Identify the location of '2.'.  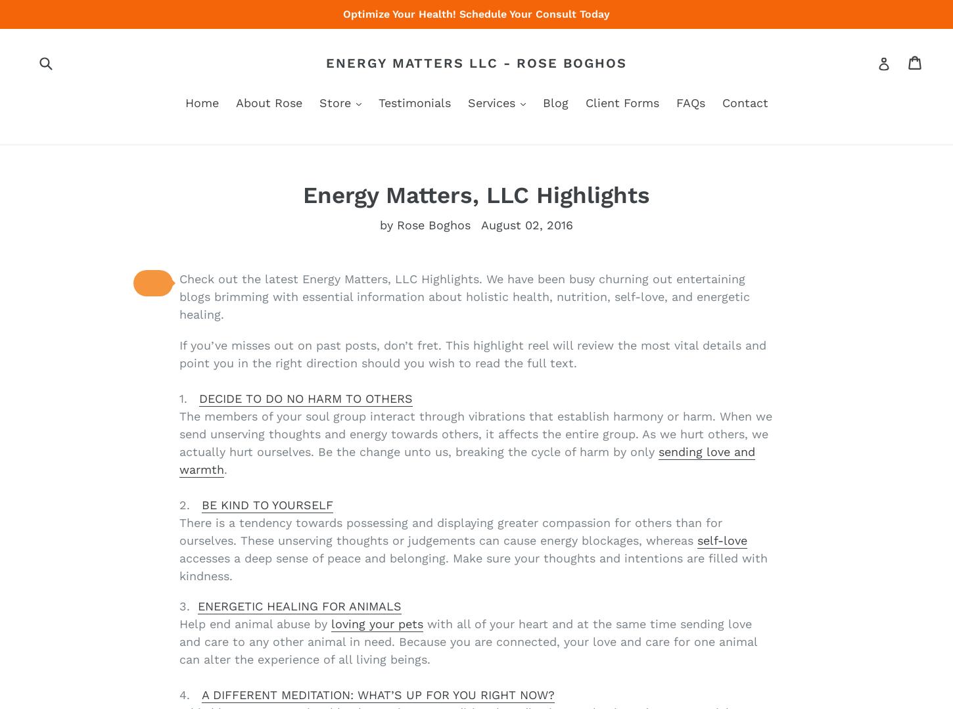
(191, 504).